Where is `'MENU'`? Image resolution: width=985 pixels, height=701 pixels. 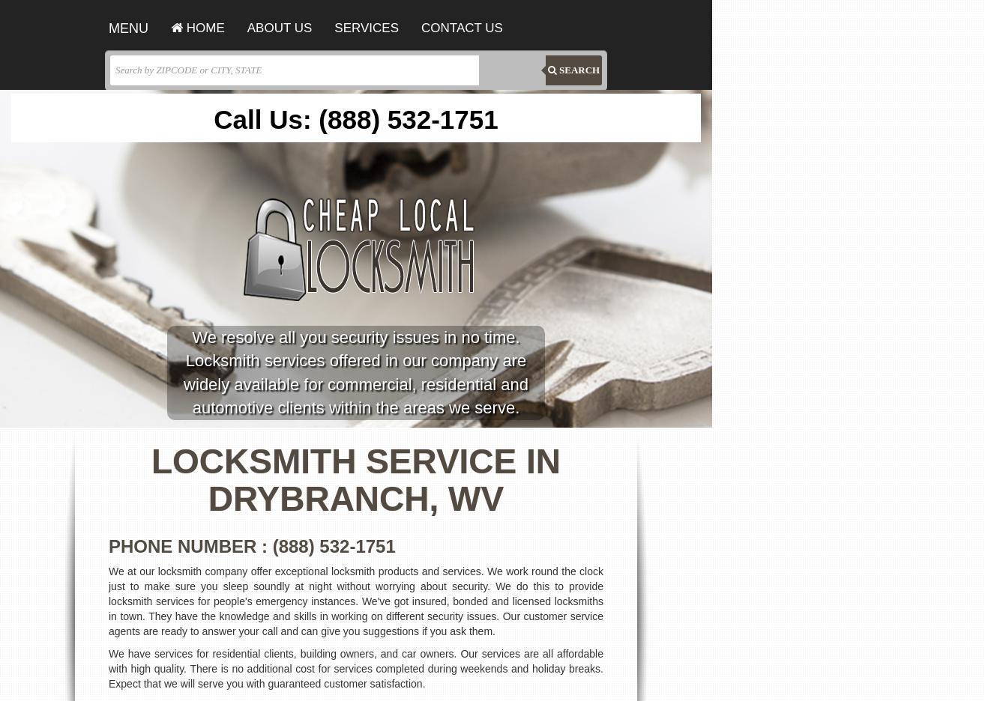 'MENU' is located at coordinates (109, 28).